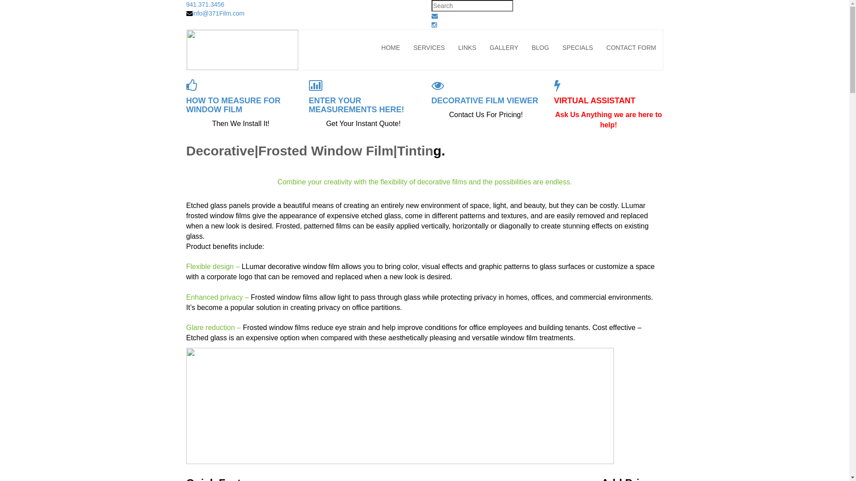 This screenshot has height=481, width=856. Describe the element at coordinates (608, 104) in the screenshot. I see `'VIRTUAL ASSISTANT` at that location.